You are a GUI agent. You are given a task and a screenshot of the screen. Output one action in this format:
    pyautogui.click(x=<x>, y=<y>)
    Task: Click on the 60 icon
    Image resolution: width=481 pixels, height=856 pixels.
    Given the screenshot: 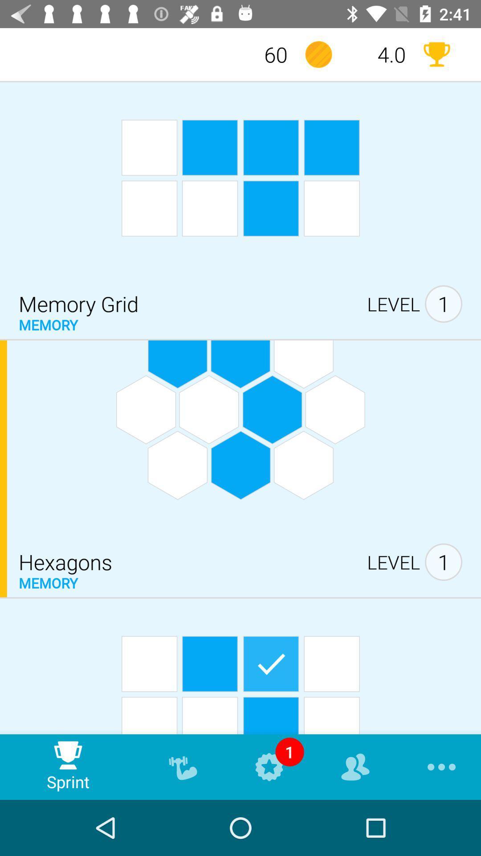 What is the action you would take?
    pyautogui.click(x=259, y=54)
    